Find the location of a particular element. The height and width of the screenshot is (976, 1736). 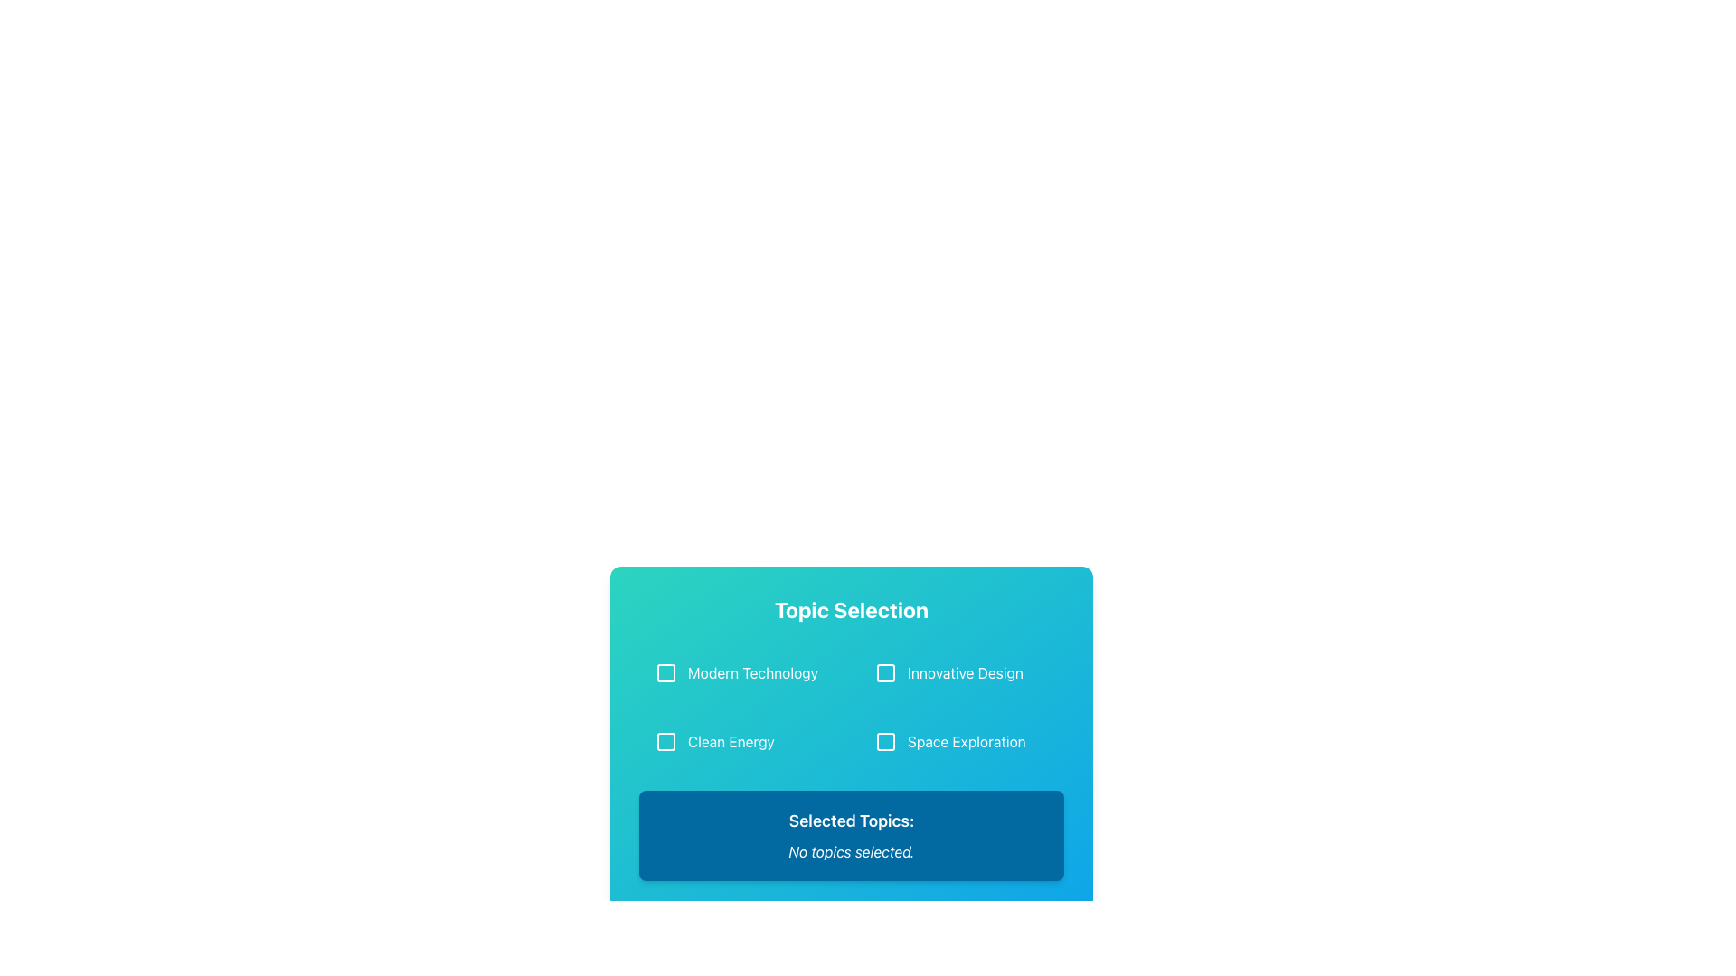

the checkbox for selecting the topic 'Innovative Design' is located at coordinates (885, 672).